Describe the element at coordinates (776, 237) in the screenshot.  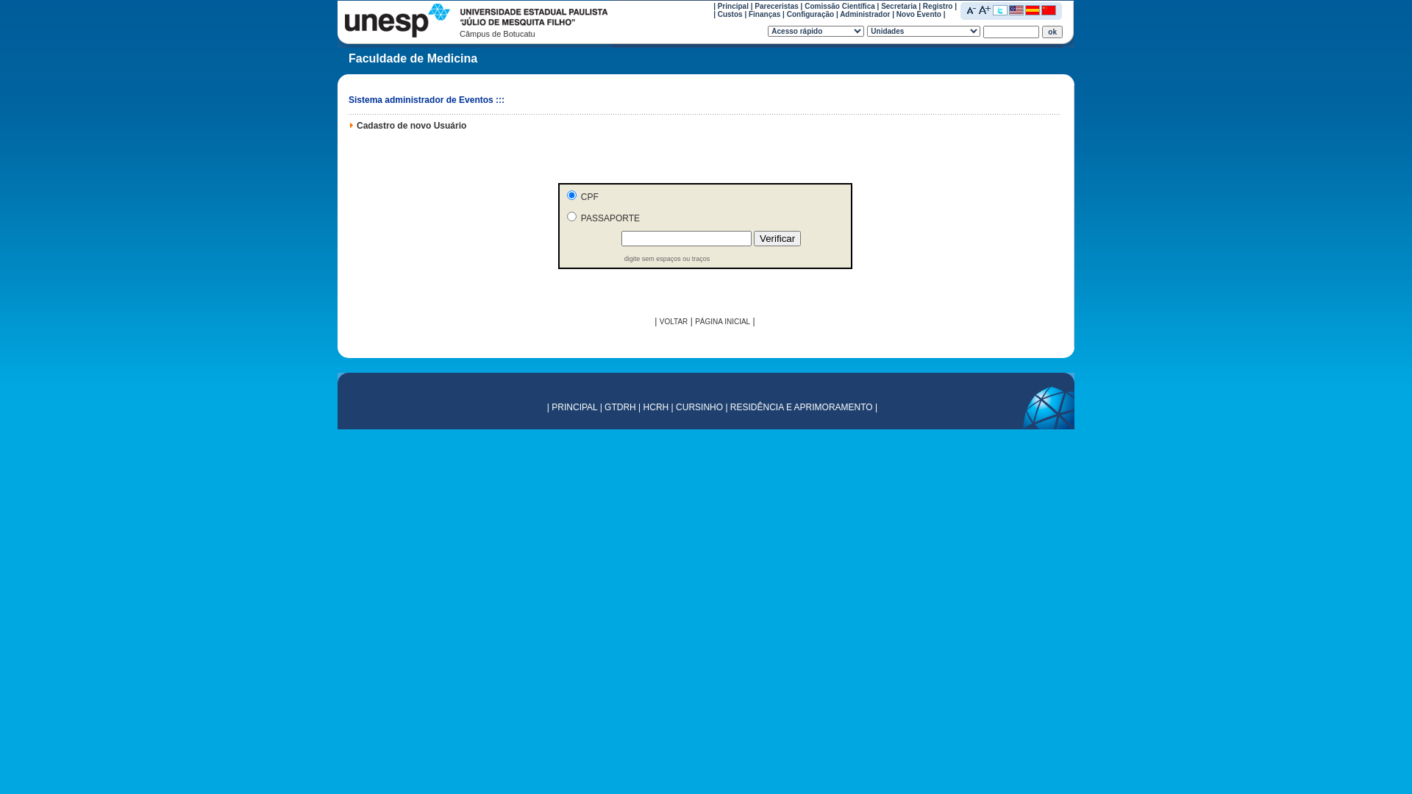
I see `'Verificar'` at that location.